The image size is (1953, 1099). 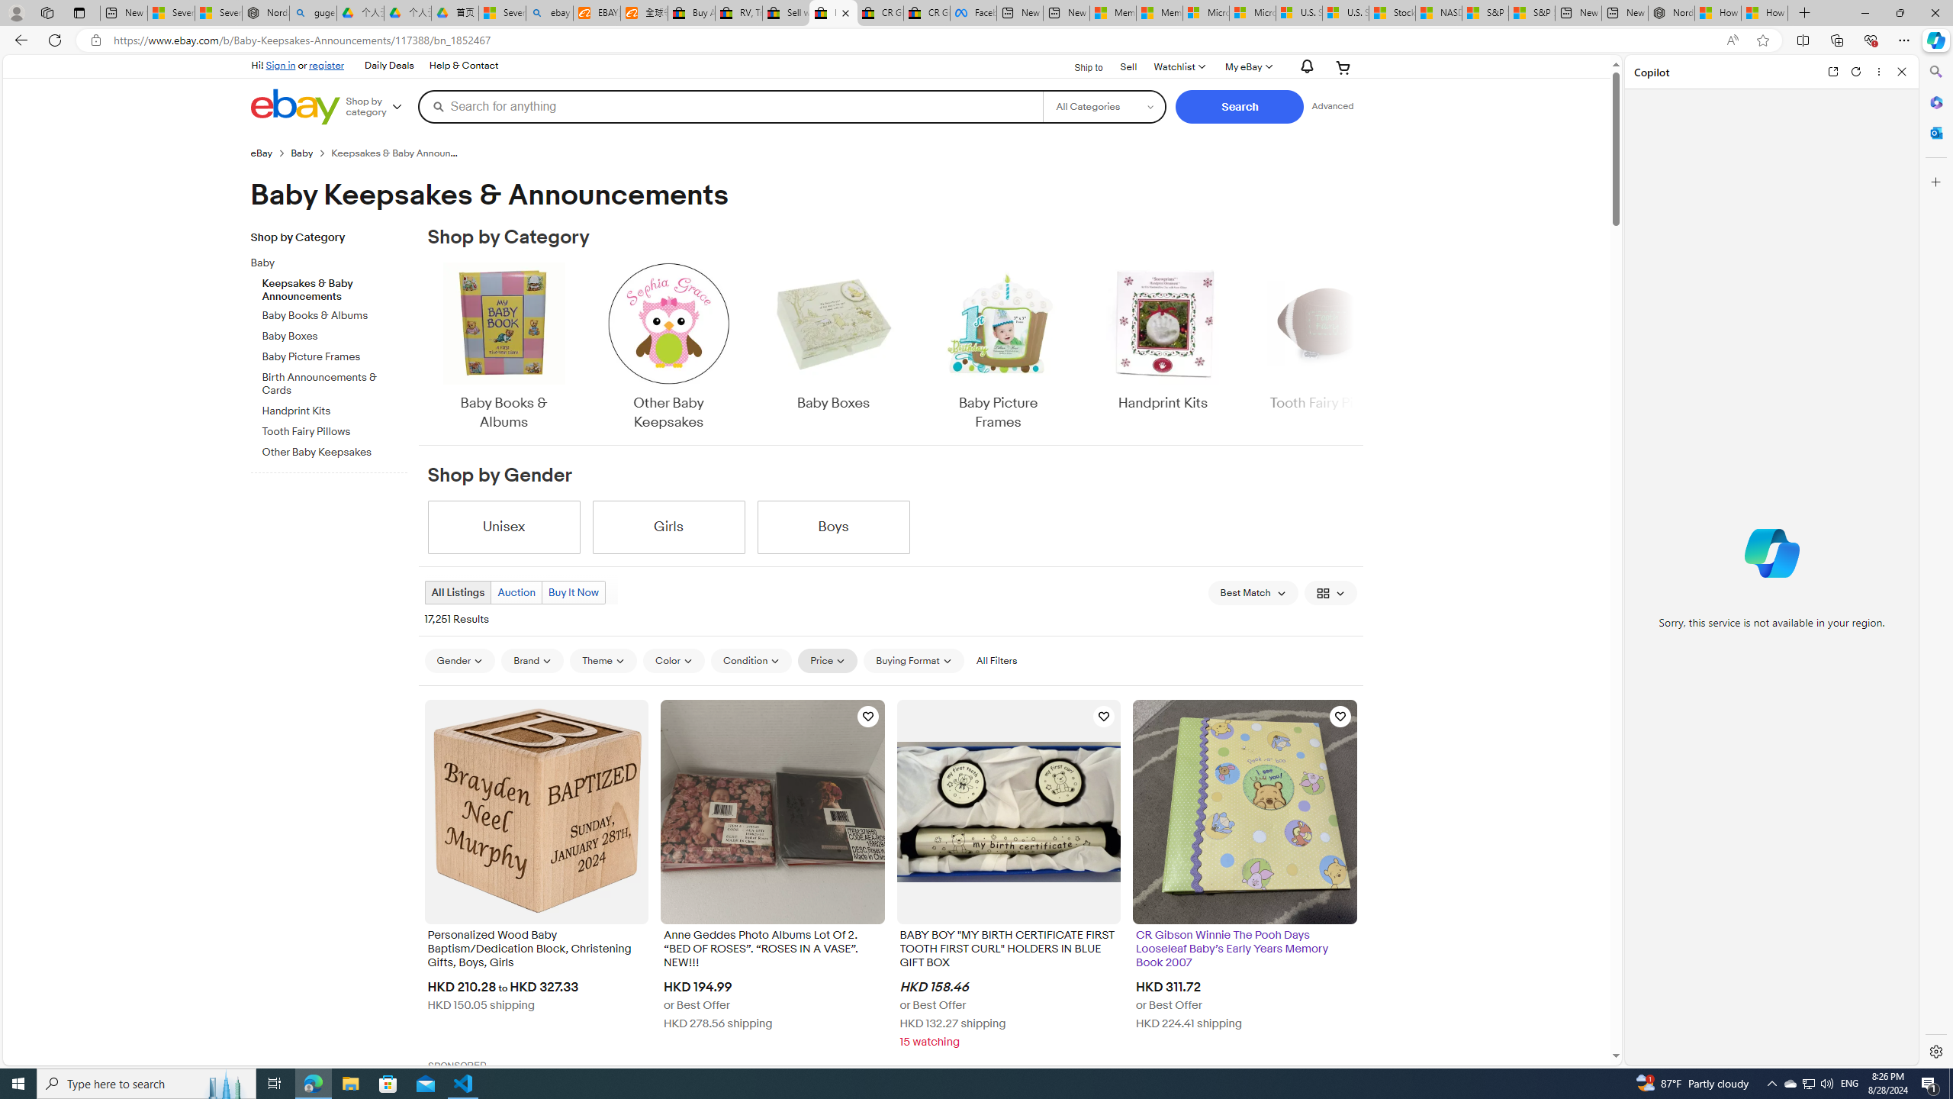 I want to click on 'Theme', so click(x=603, y=660).